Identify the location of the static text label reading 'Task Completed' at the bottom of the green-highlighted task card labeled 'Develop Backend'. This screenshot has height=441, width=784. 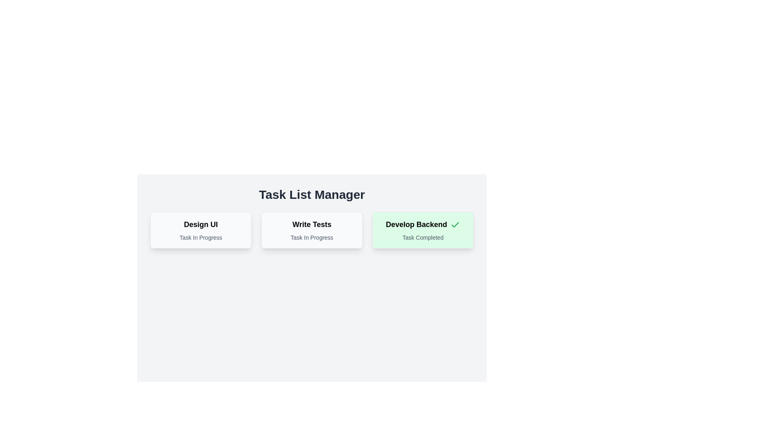
(423, 238).